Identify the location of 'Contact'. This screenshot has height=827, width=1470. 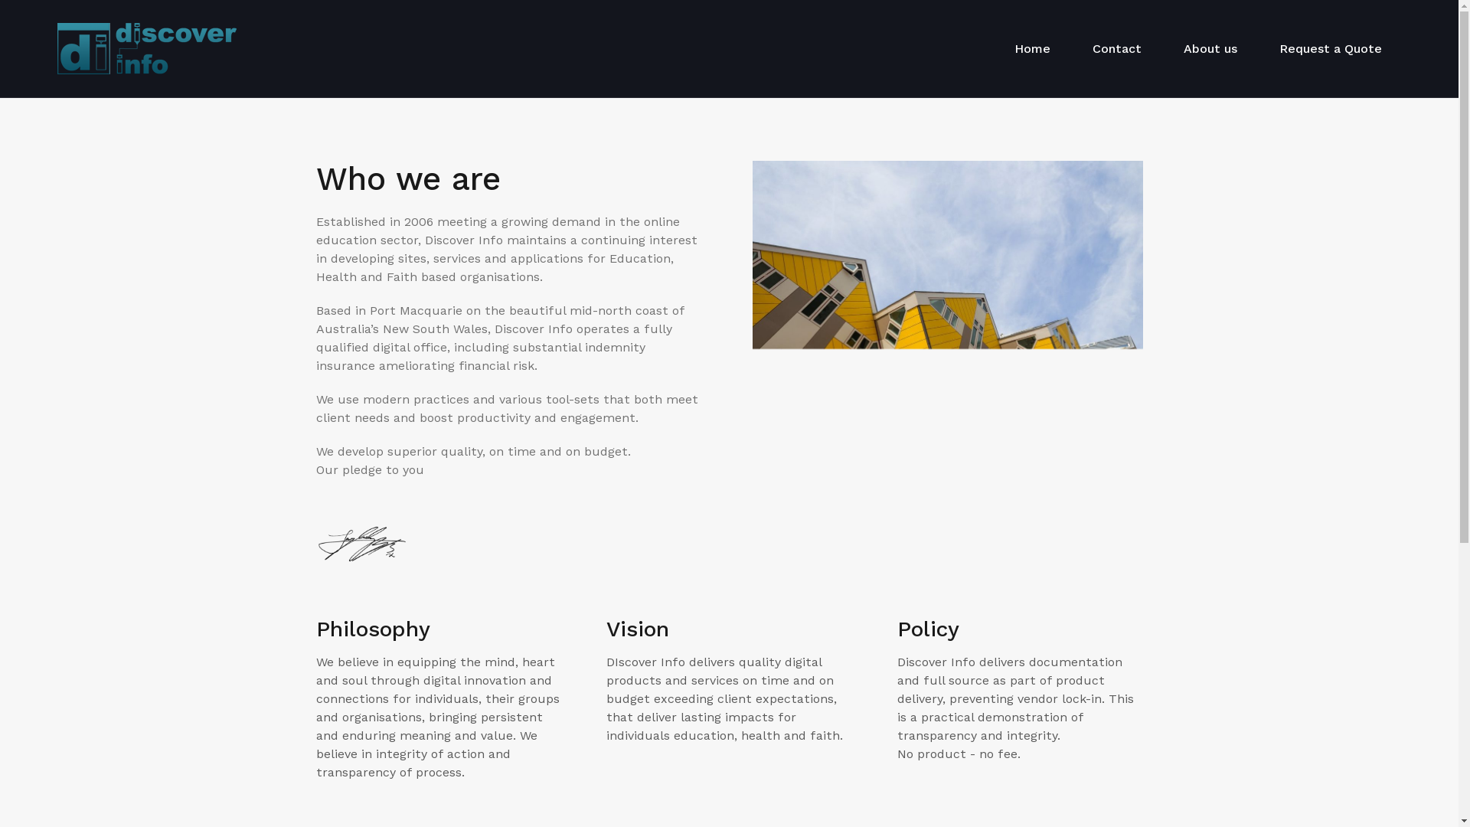
(1117, 48).